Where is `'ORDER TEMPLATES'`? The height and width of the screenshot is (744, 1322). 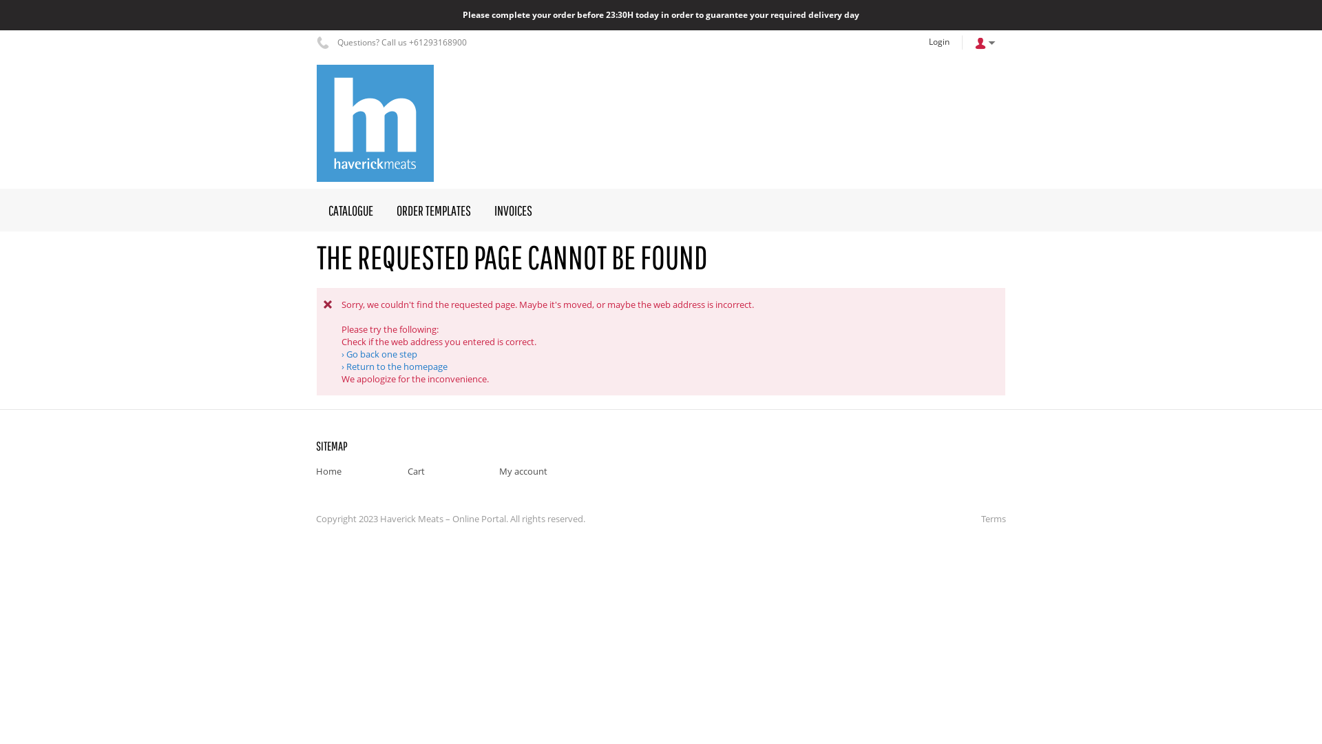 'ORDER TEMPLATES' is located at coordinates (432, 209).